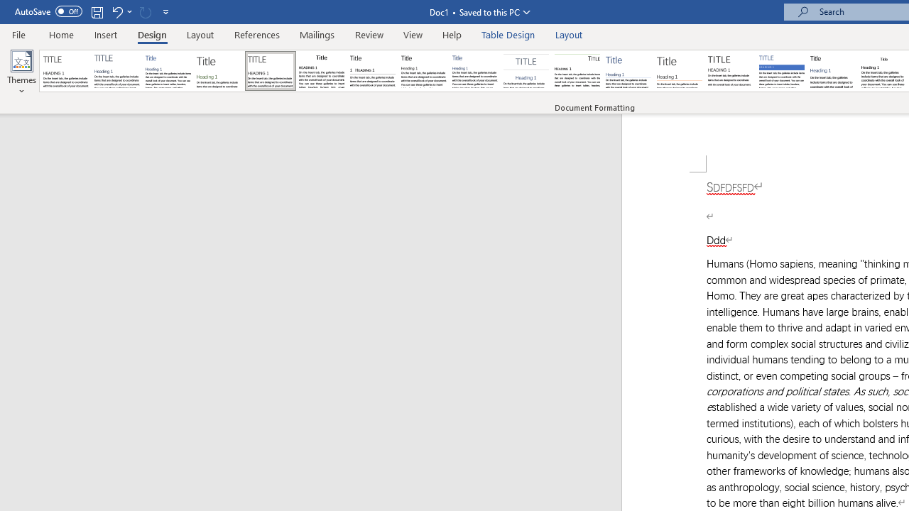 This screenshot has height=511, width=909. I want to click on 'Basic (Elegant)', so click(117, 71).